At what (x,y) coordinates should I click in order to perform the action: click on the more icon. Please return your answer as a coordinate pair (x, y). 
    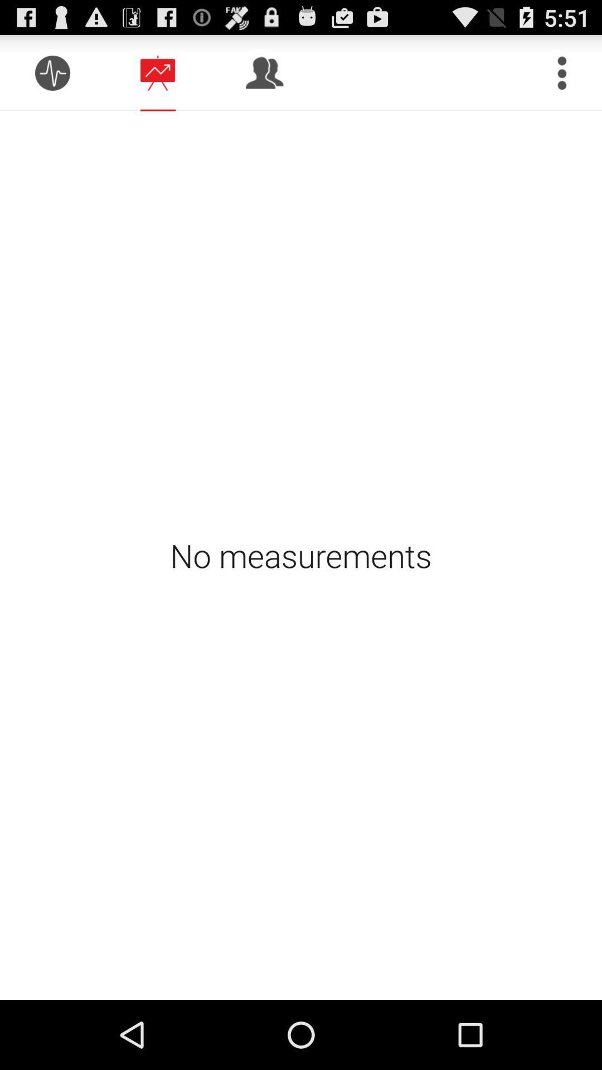
    Looking at the image, I should click on (562, 77).